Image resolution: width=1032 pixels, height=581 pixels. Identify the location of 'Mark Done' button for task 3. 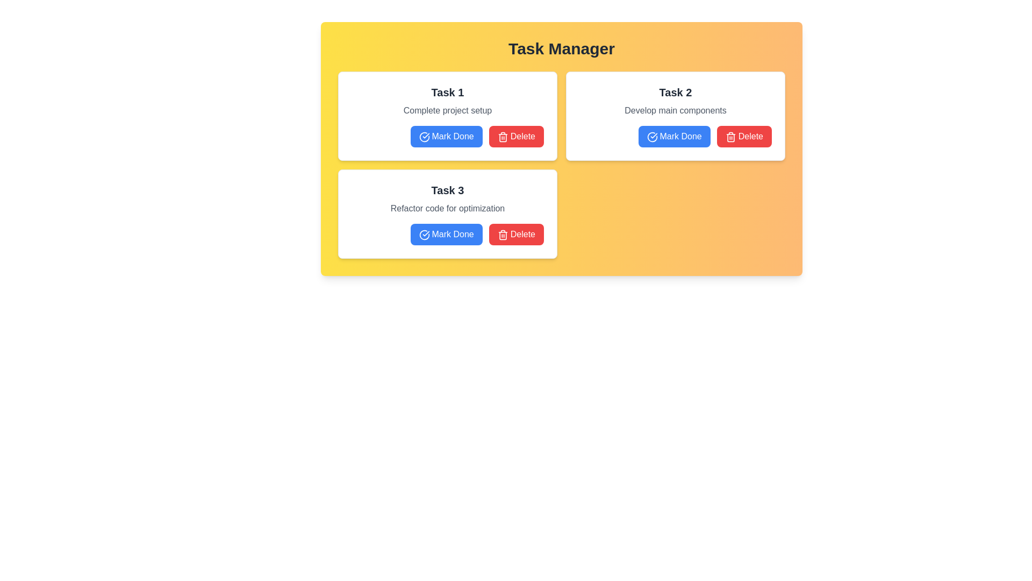
(446, 233).